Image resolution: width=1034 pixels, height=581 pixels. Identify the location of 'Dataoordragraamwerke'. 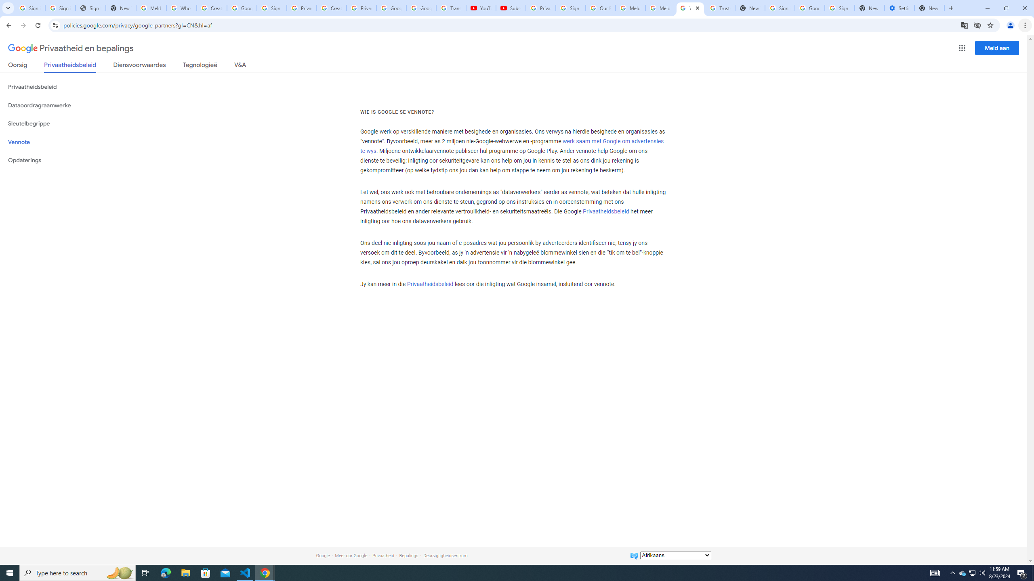
(61, 105).